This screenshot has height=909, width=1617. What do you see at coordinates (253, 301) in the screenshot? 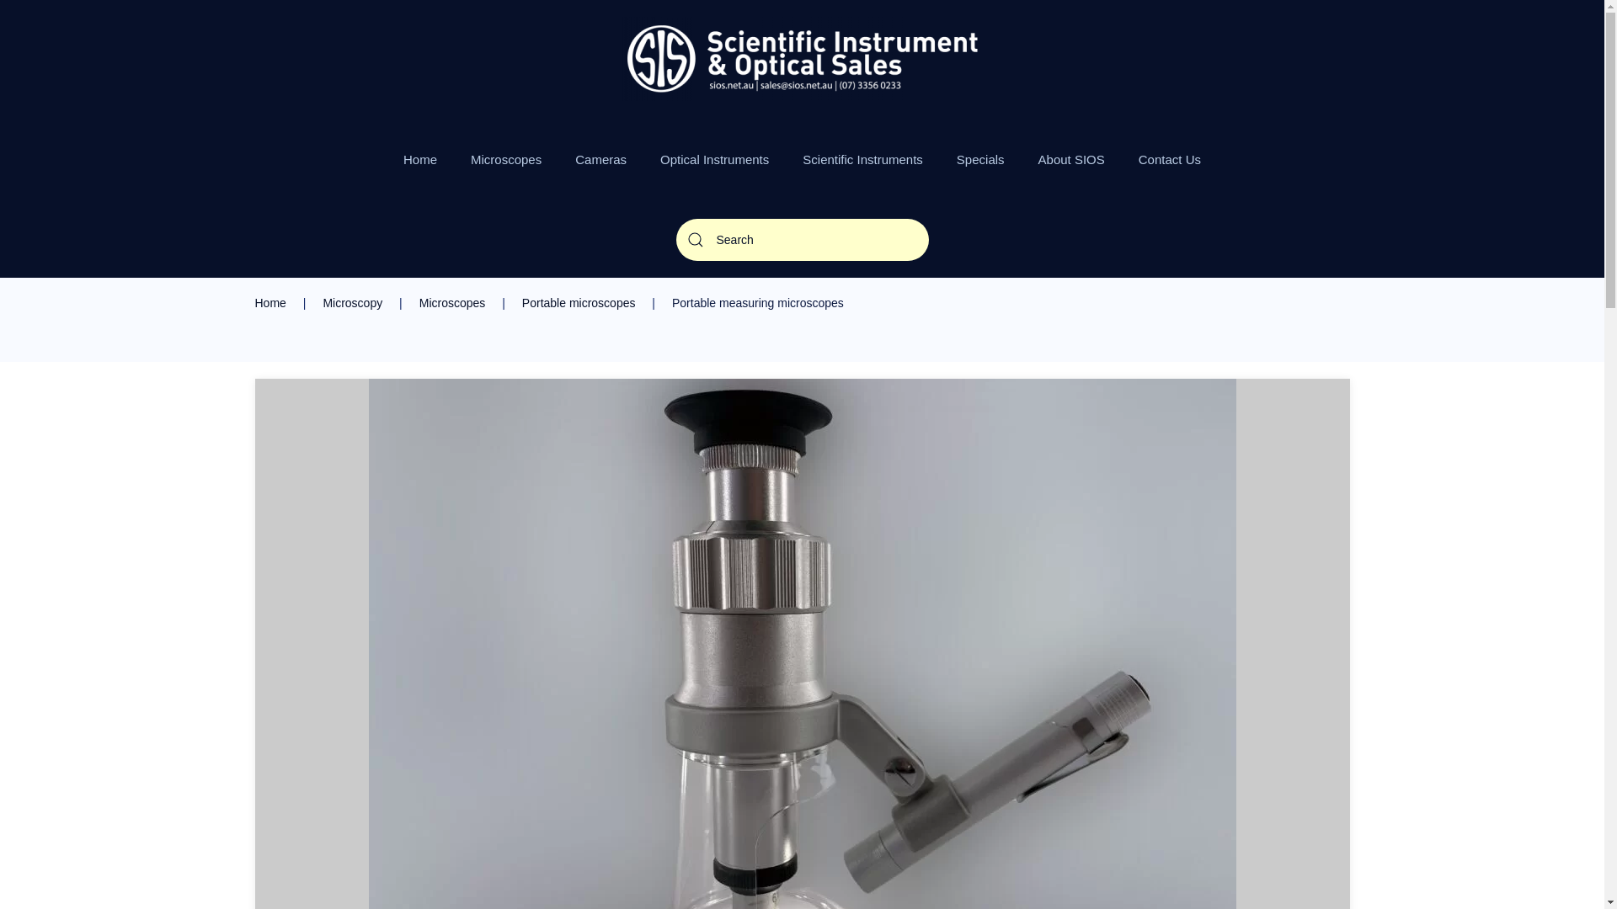
I see `'Home'` at bounding box center [253, 301].